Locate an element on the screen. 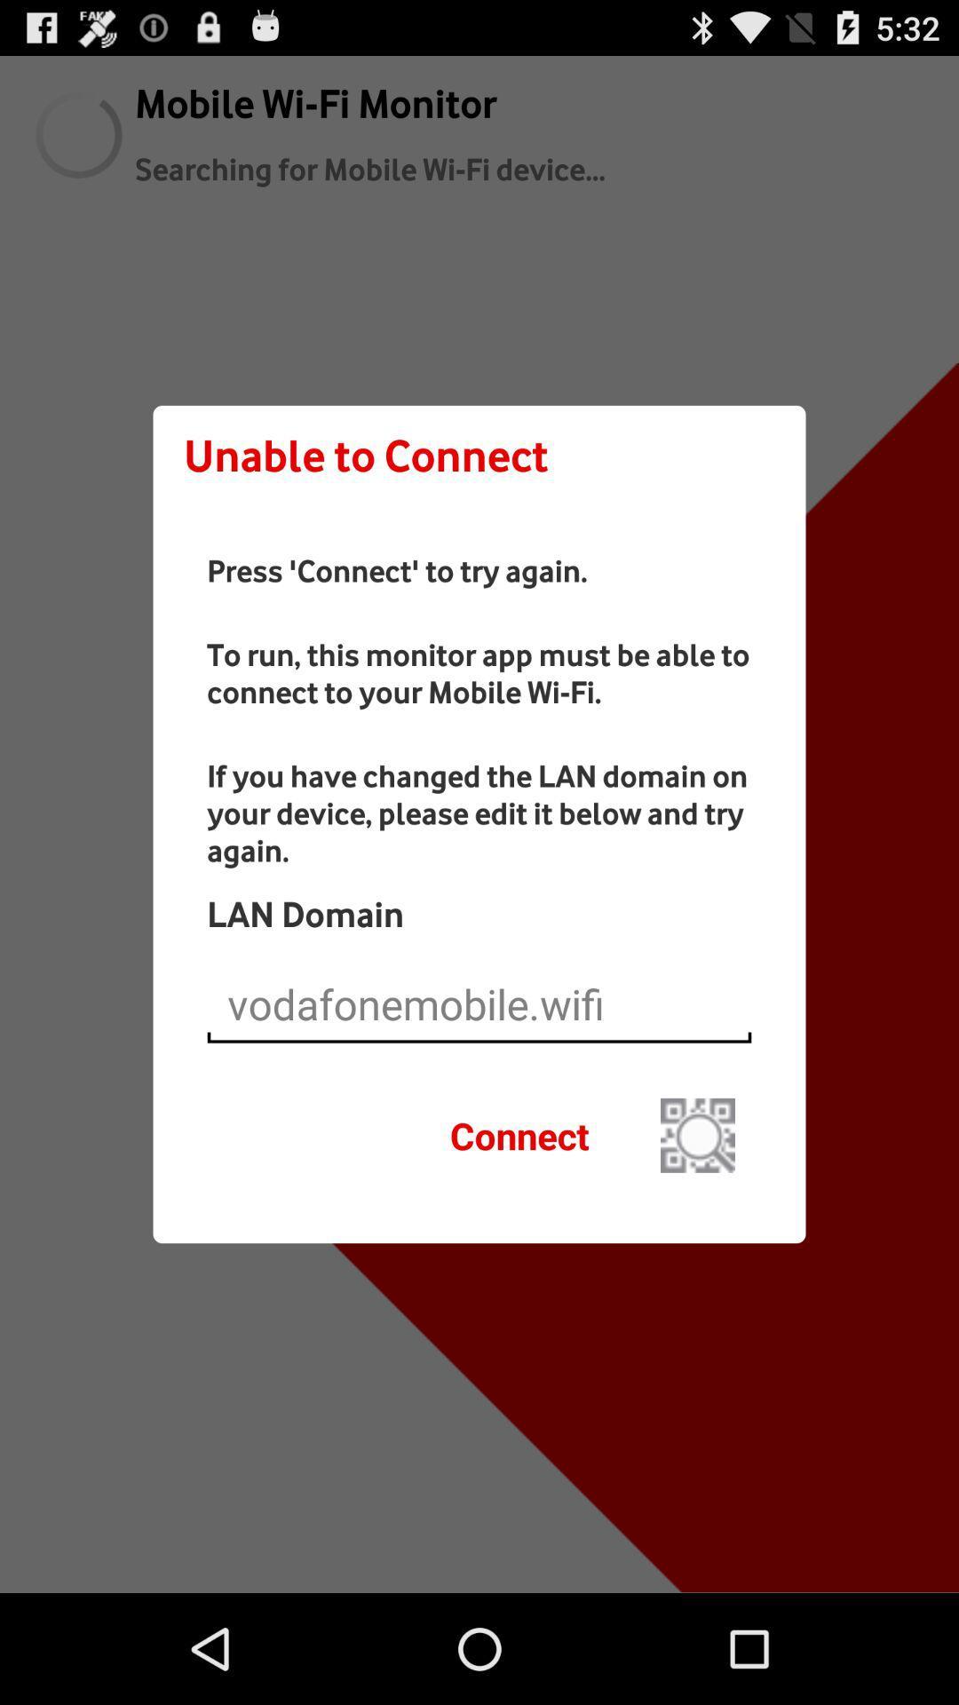  scan qr code is located at coordinates (697, 1134).